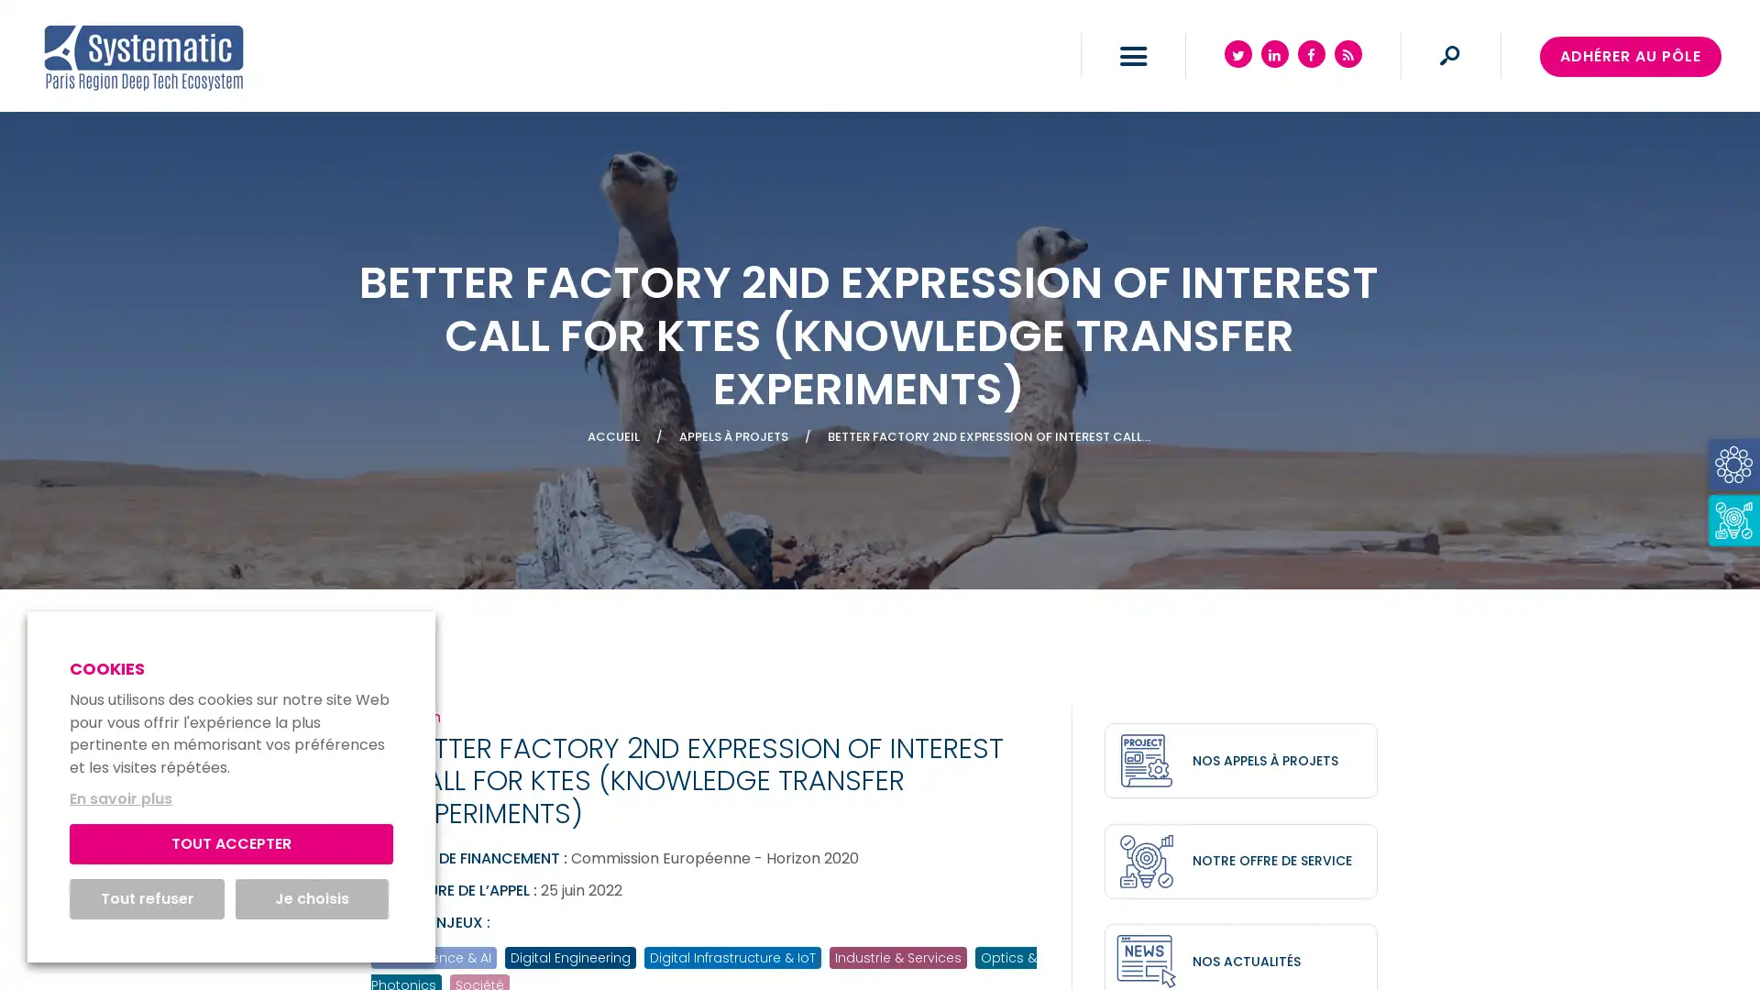  What do you see at coordinates (312, 897) in the screenshot?
I see `Je choisis` at bounding box center [312, 897].